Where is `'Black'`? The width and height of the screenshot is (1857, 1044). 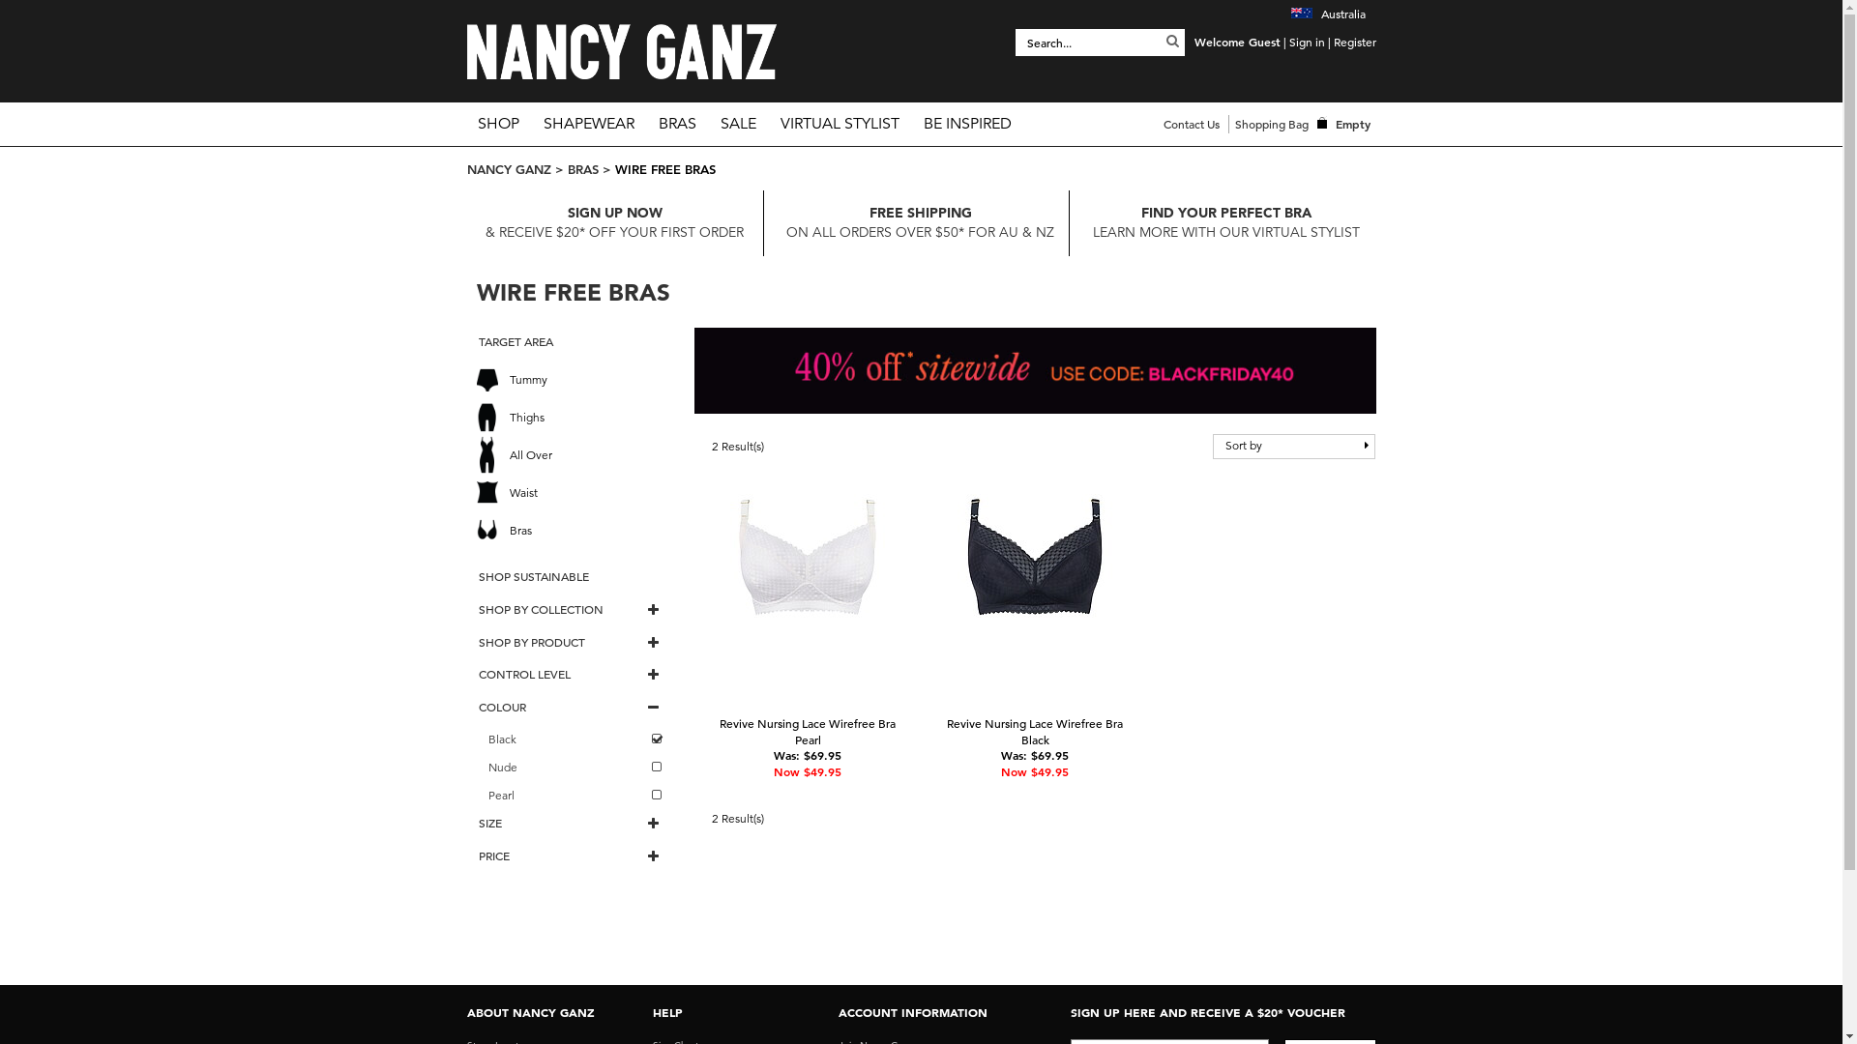
'Black' is located at coordinates (574, 739).